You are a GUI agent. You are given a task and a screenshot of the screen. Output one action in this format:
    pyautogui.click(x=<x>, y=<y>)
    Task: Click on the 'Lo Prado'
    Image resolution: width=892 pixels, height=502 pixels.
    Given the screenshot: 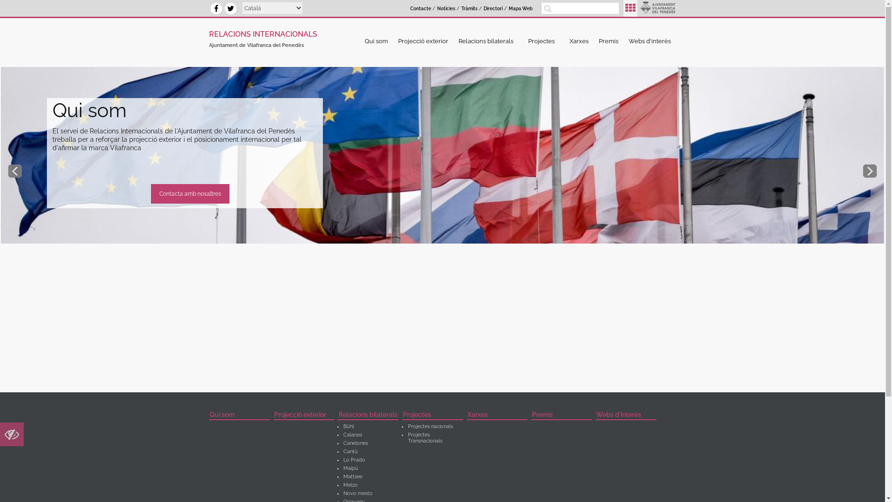 What is the action you would take?
    pyautogui.click(x=354, y=459)
    